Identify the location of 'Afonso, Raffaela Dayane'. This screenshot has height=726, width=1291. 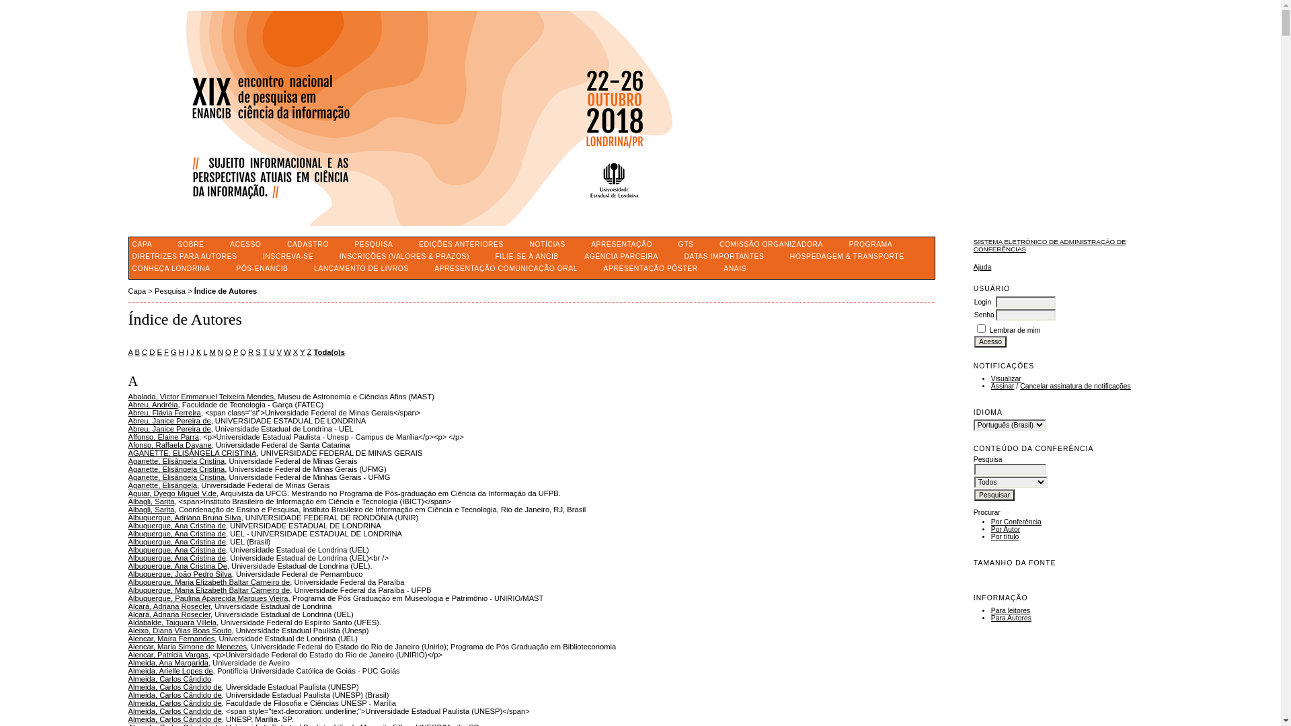
(169, 445).